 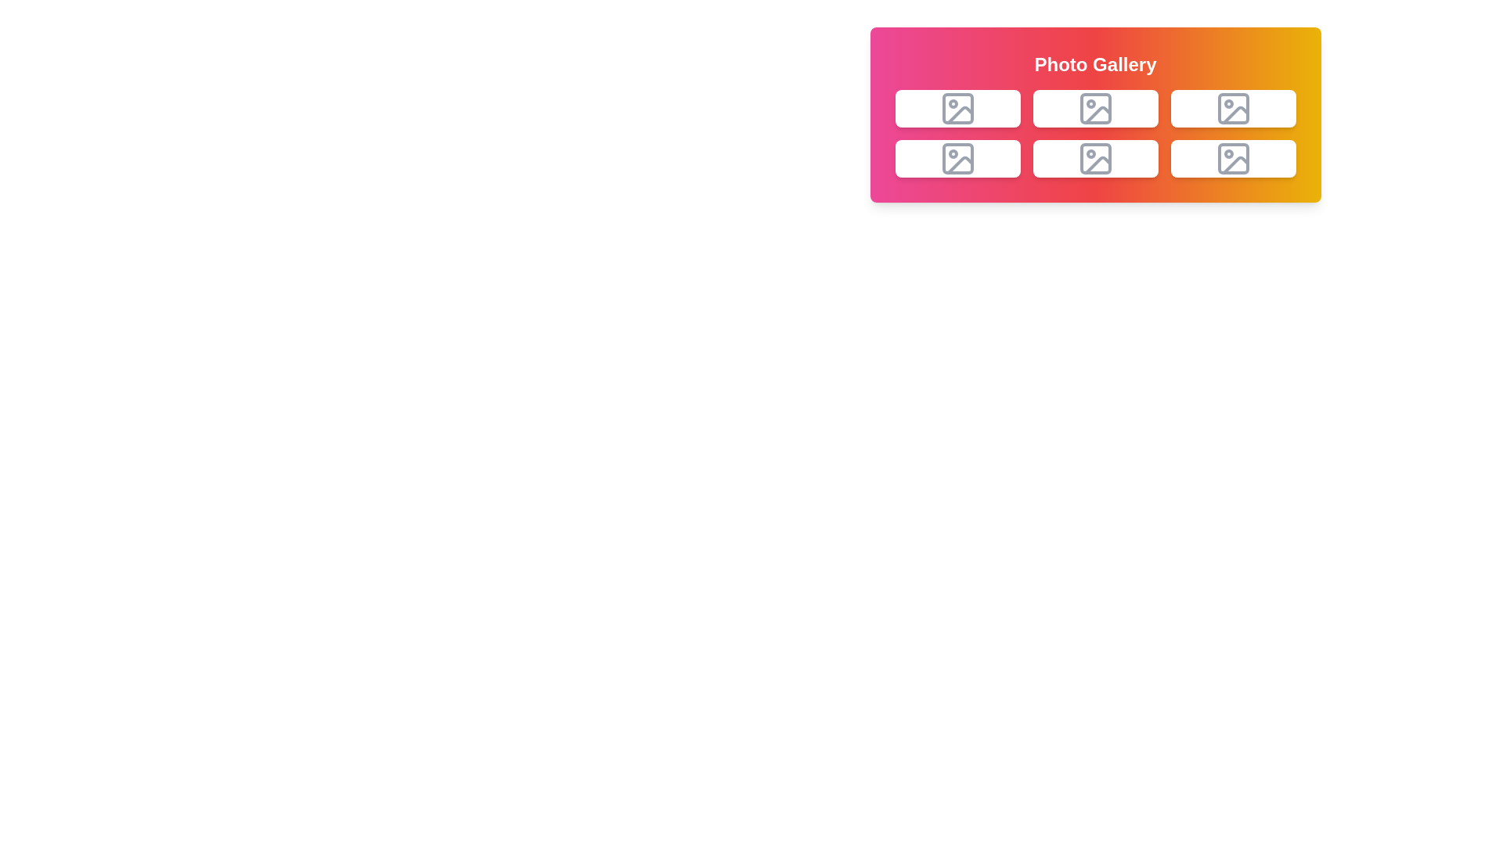 I want to click on the circular white button with a red heart symbol, the second interactive item in the overlay of the photo gallery grid, to observe hover effects, so click(x=977, y=107).